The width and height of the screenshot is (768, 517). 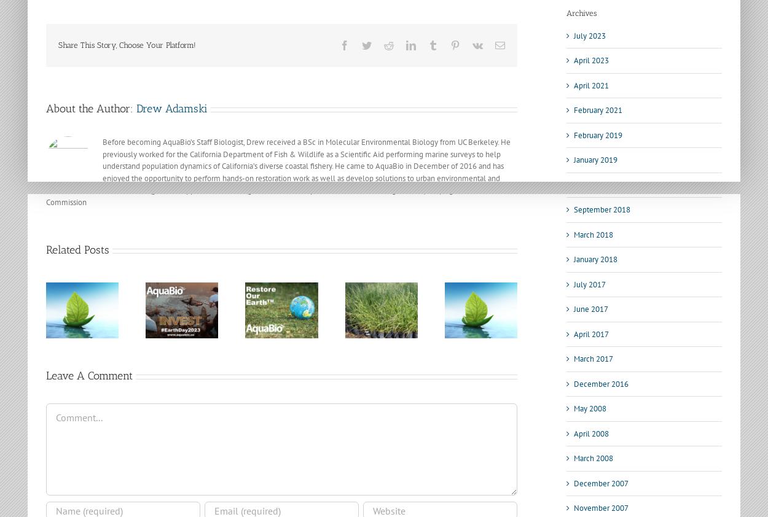 What do you see at coordinates (593, 458) in the screenshot?
I see `'March 2008'` at bounding box center [593, 458].